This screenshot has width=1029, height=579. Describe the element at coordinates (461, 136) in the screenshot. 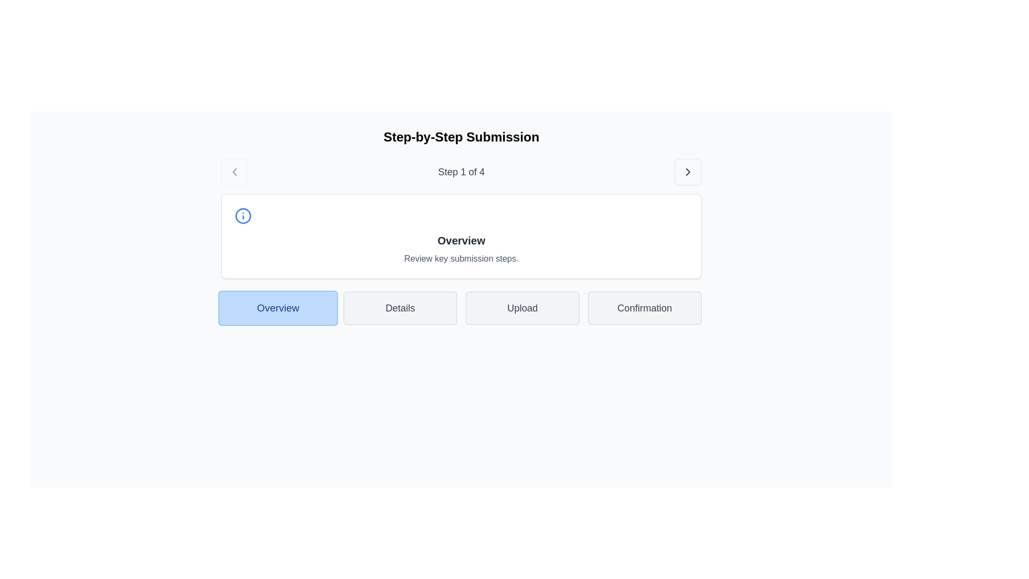

I see `the bold text element displaying 'Step-by-Step Submission' which is positioned at the top of the interface, serving as the title for the section` at that location.